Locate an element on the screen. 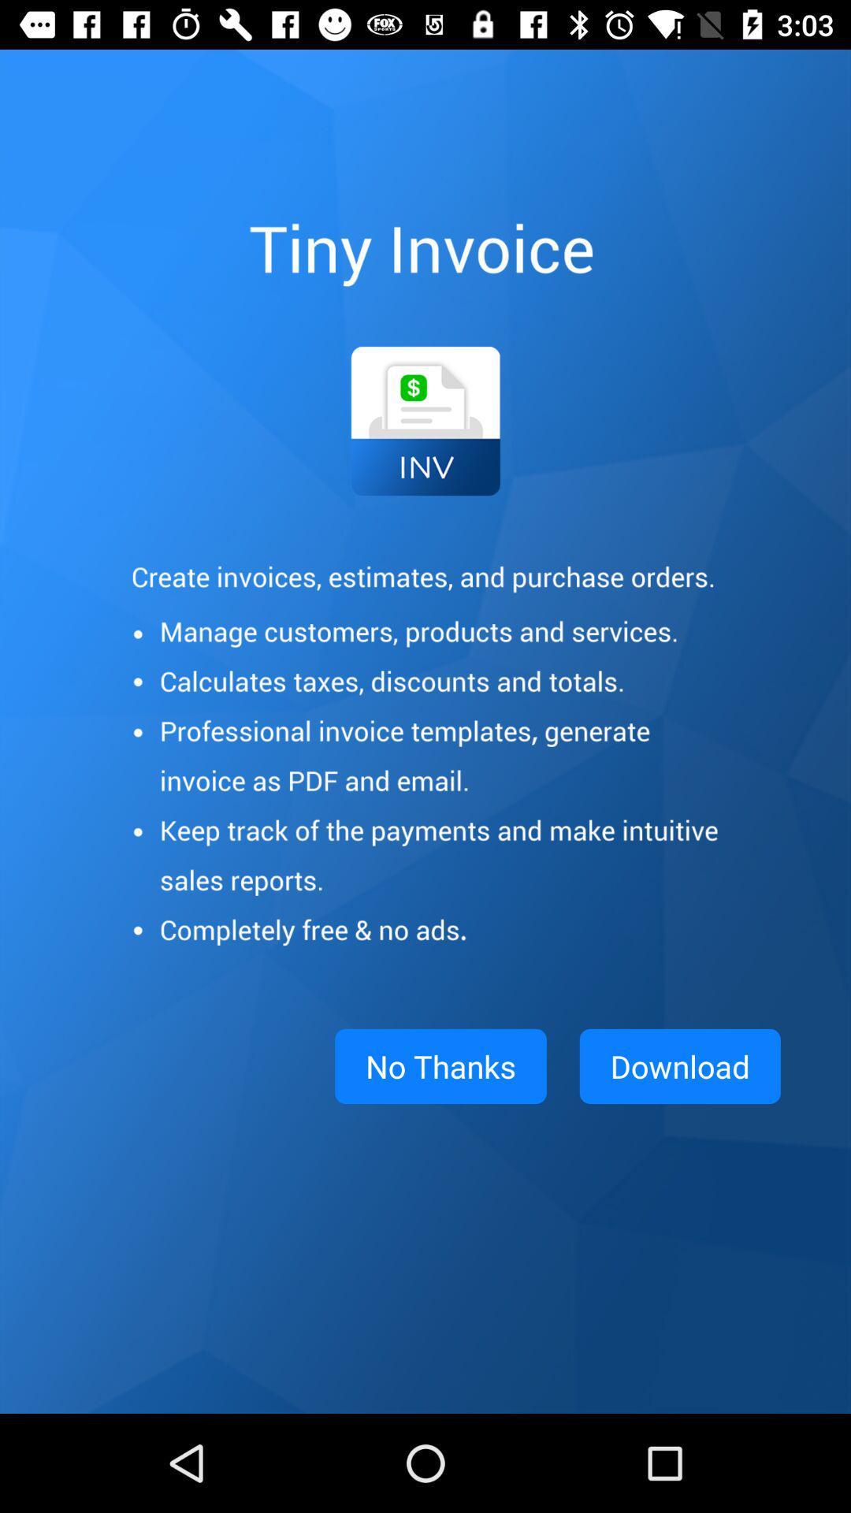 Image resolution: width=851 pixels, height=1513 pixels. the download item is located at coordinates (679, 1066).